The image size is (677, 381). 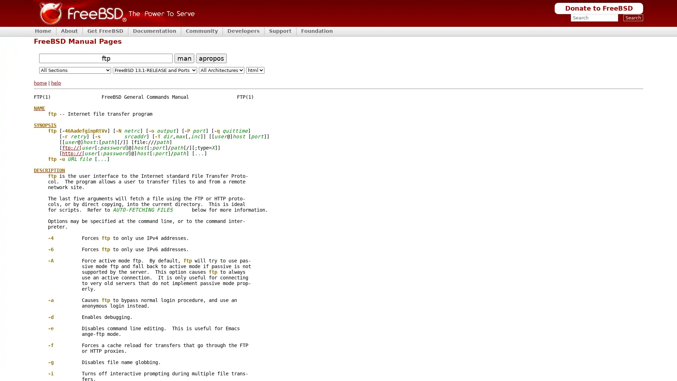 What do you see at coordinates (211, 58) in the screenshot?
I see `apropos` at bounding box center [211, 58].